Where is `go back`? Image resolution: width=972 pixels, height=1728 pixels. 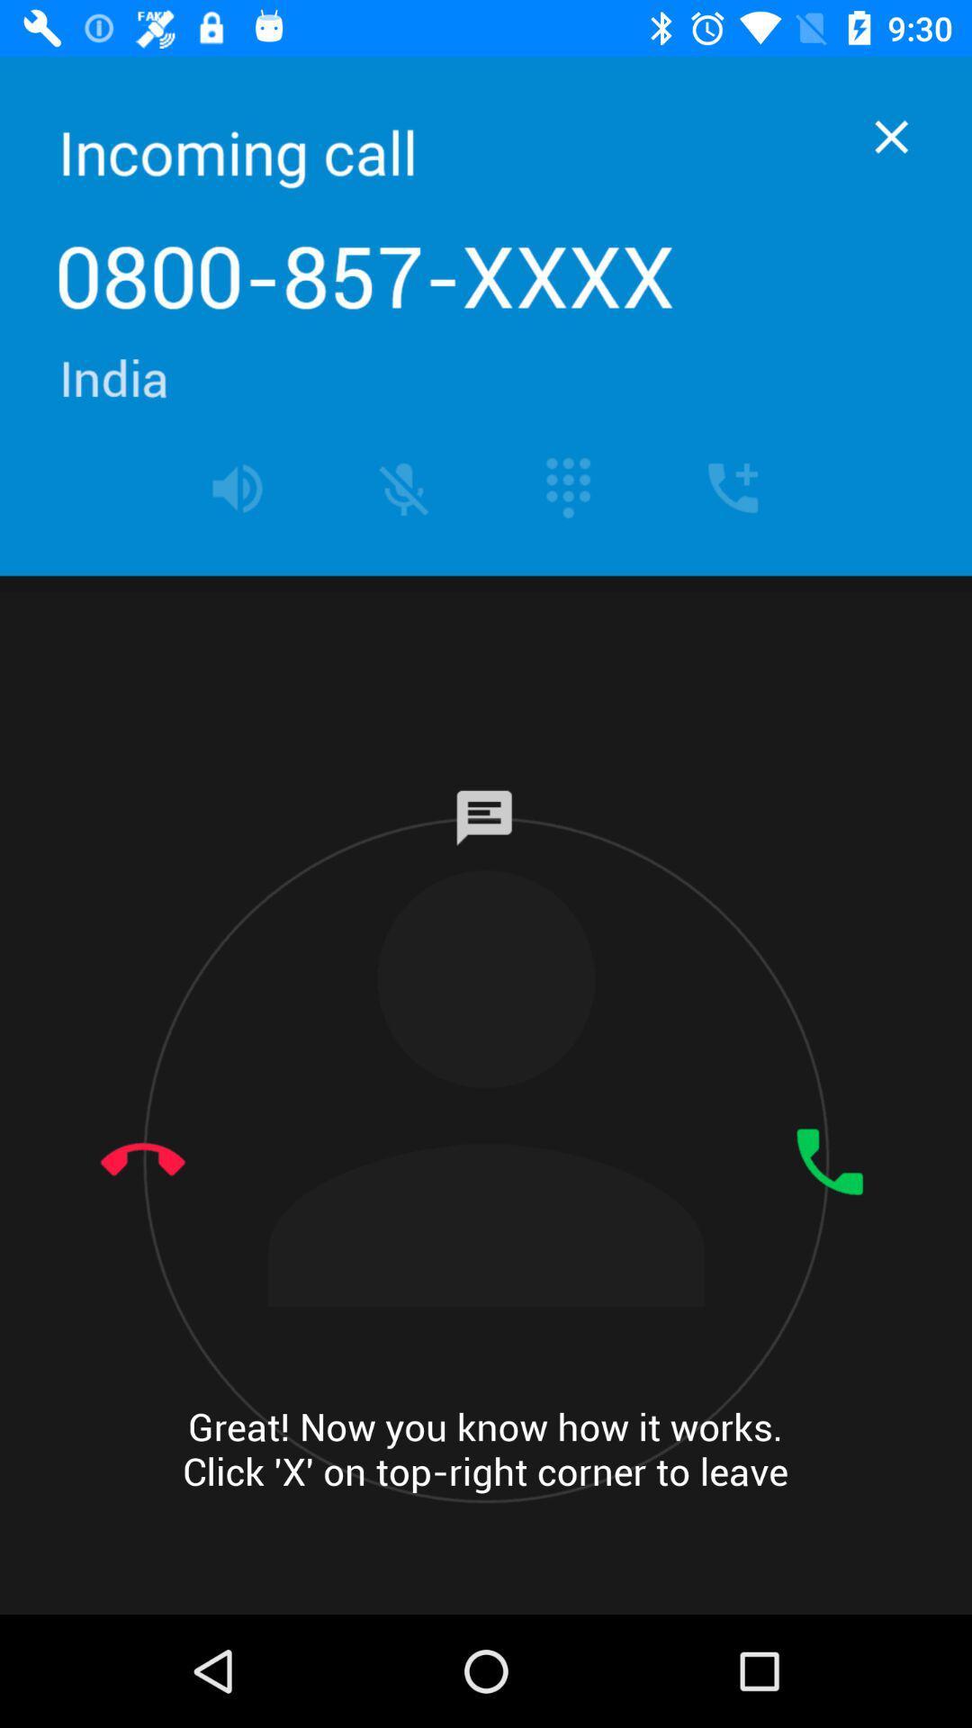 go back is located at coordinates (891, 136).